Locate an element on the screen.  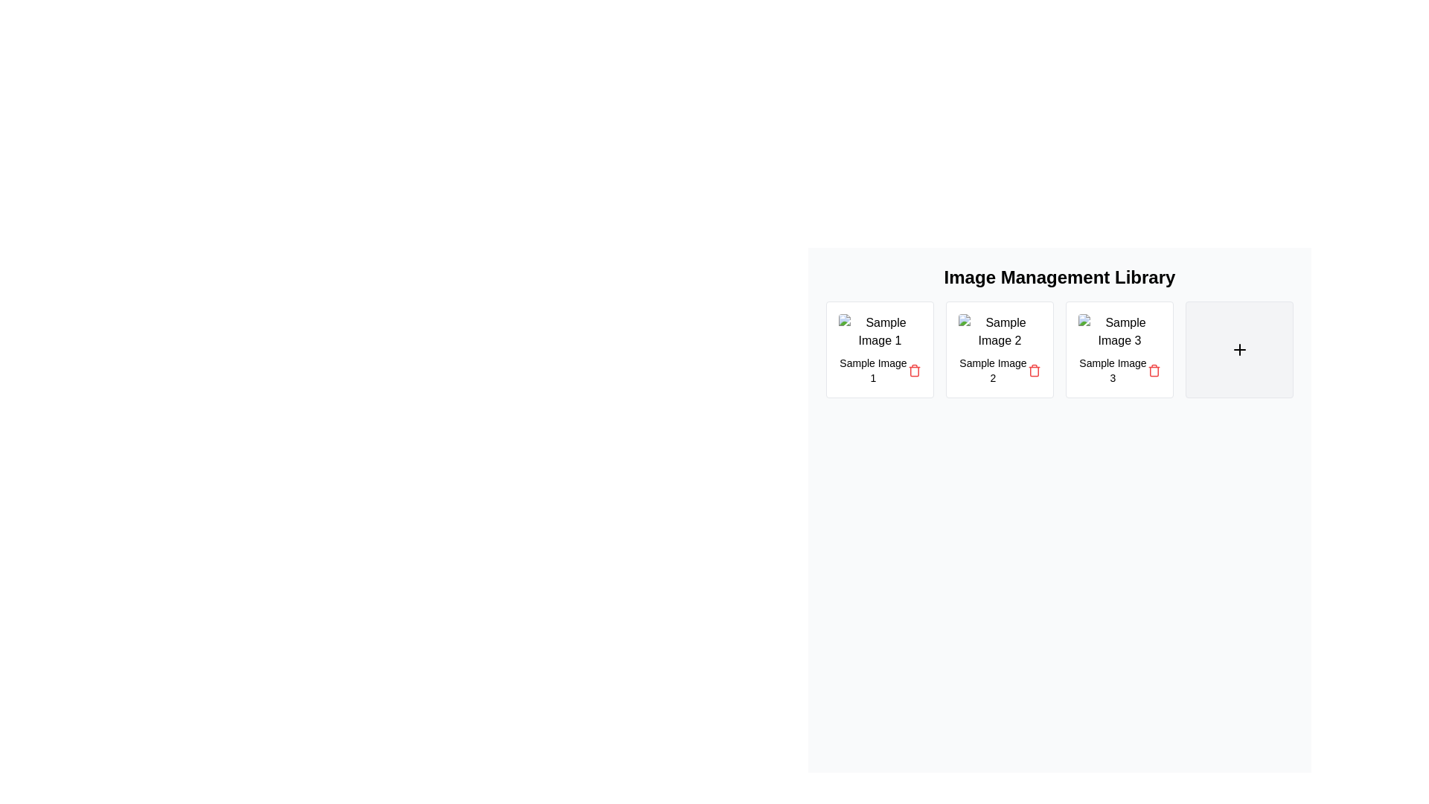
the delete button located at the bottom-right of the card labeled 'Sample Image 1', which triggers the deletion of the associated content when interacted with is located at coordinates (913, 369).